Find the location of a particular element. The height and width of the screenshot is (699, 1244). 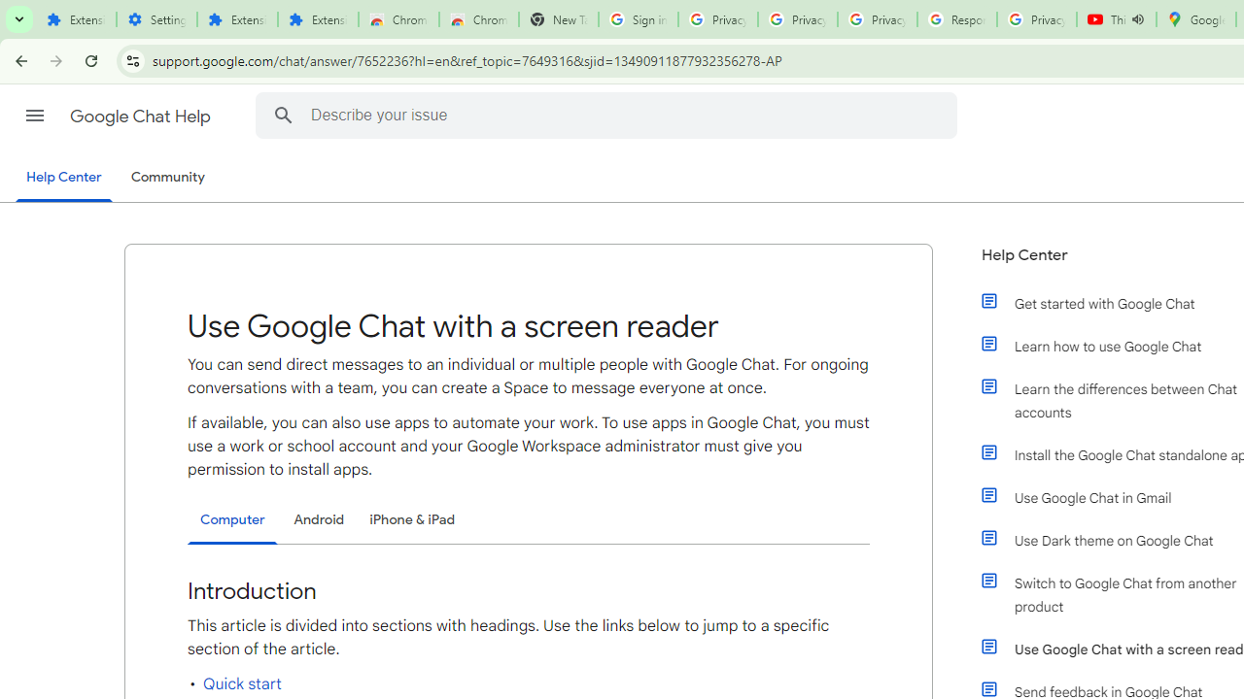

'Main menu' is located at coordinates (34, 116).